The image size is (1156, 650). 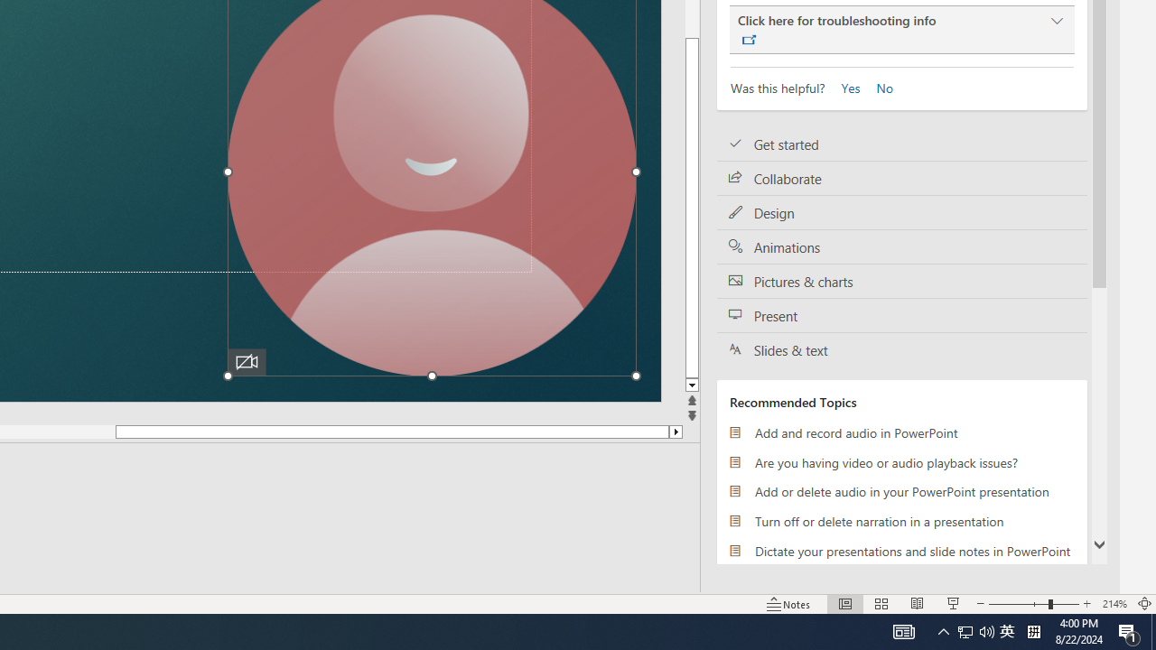 I want to click on 'Are you having video or audio playback issues?', so click(x=902, y=461).